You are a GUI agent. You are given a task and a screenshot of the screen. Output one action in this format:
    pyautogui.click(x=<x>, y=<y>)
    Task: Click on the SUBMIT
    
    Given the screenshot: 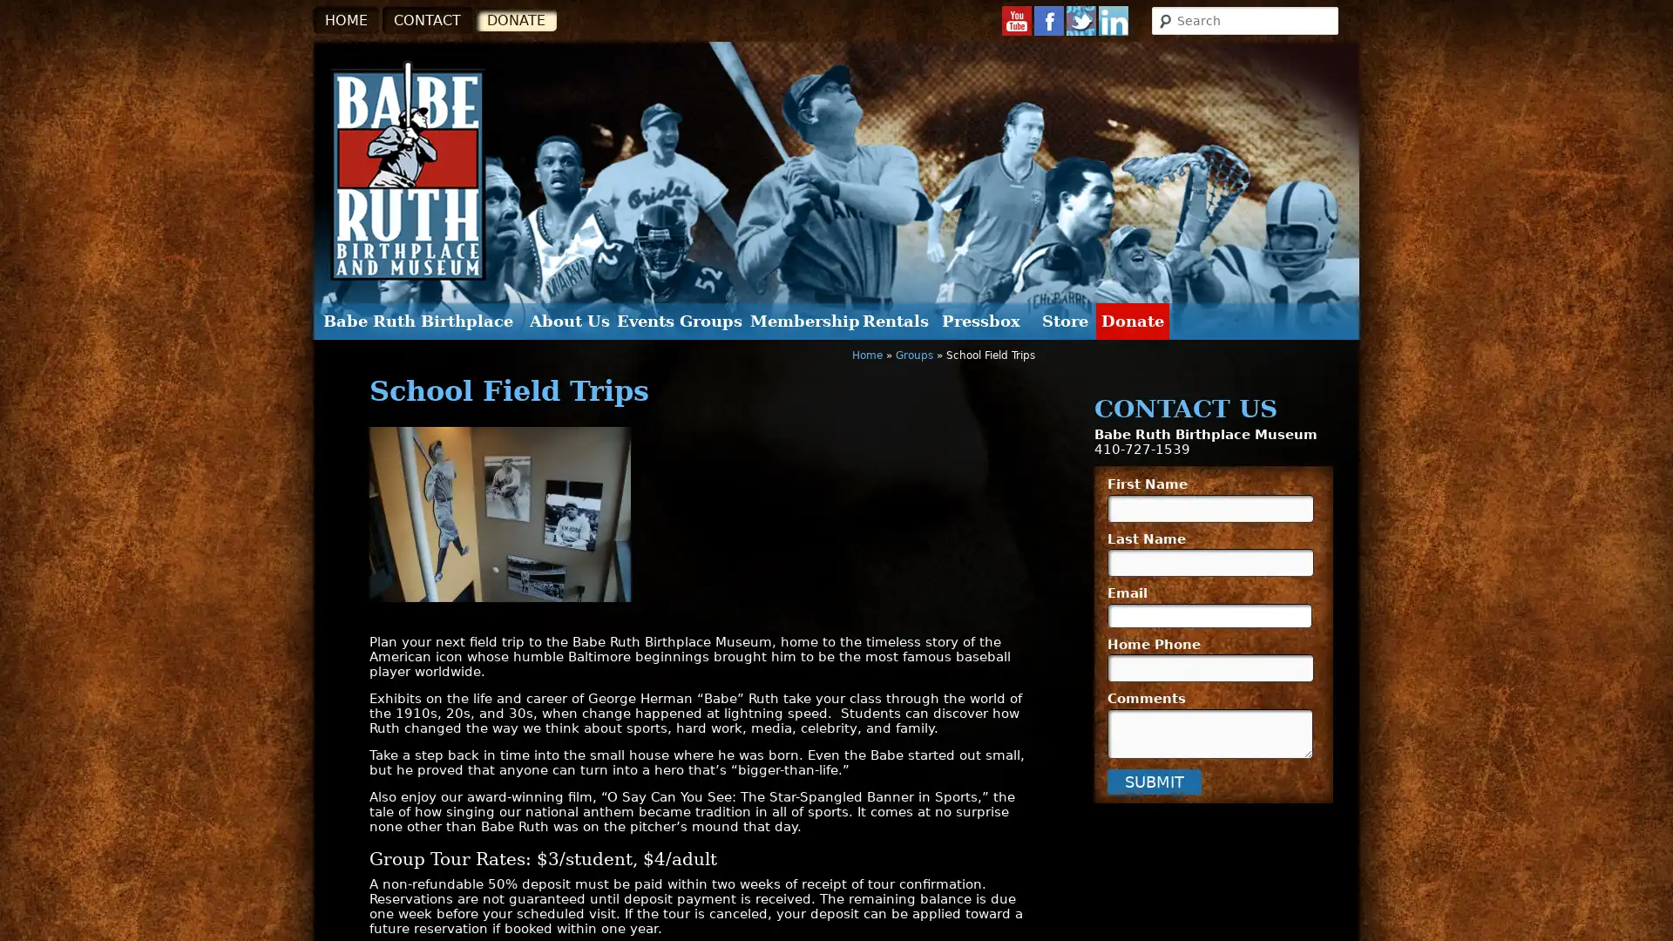 What is the action you would take?
    pyautogui.click(x=1154, y=780)
    